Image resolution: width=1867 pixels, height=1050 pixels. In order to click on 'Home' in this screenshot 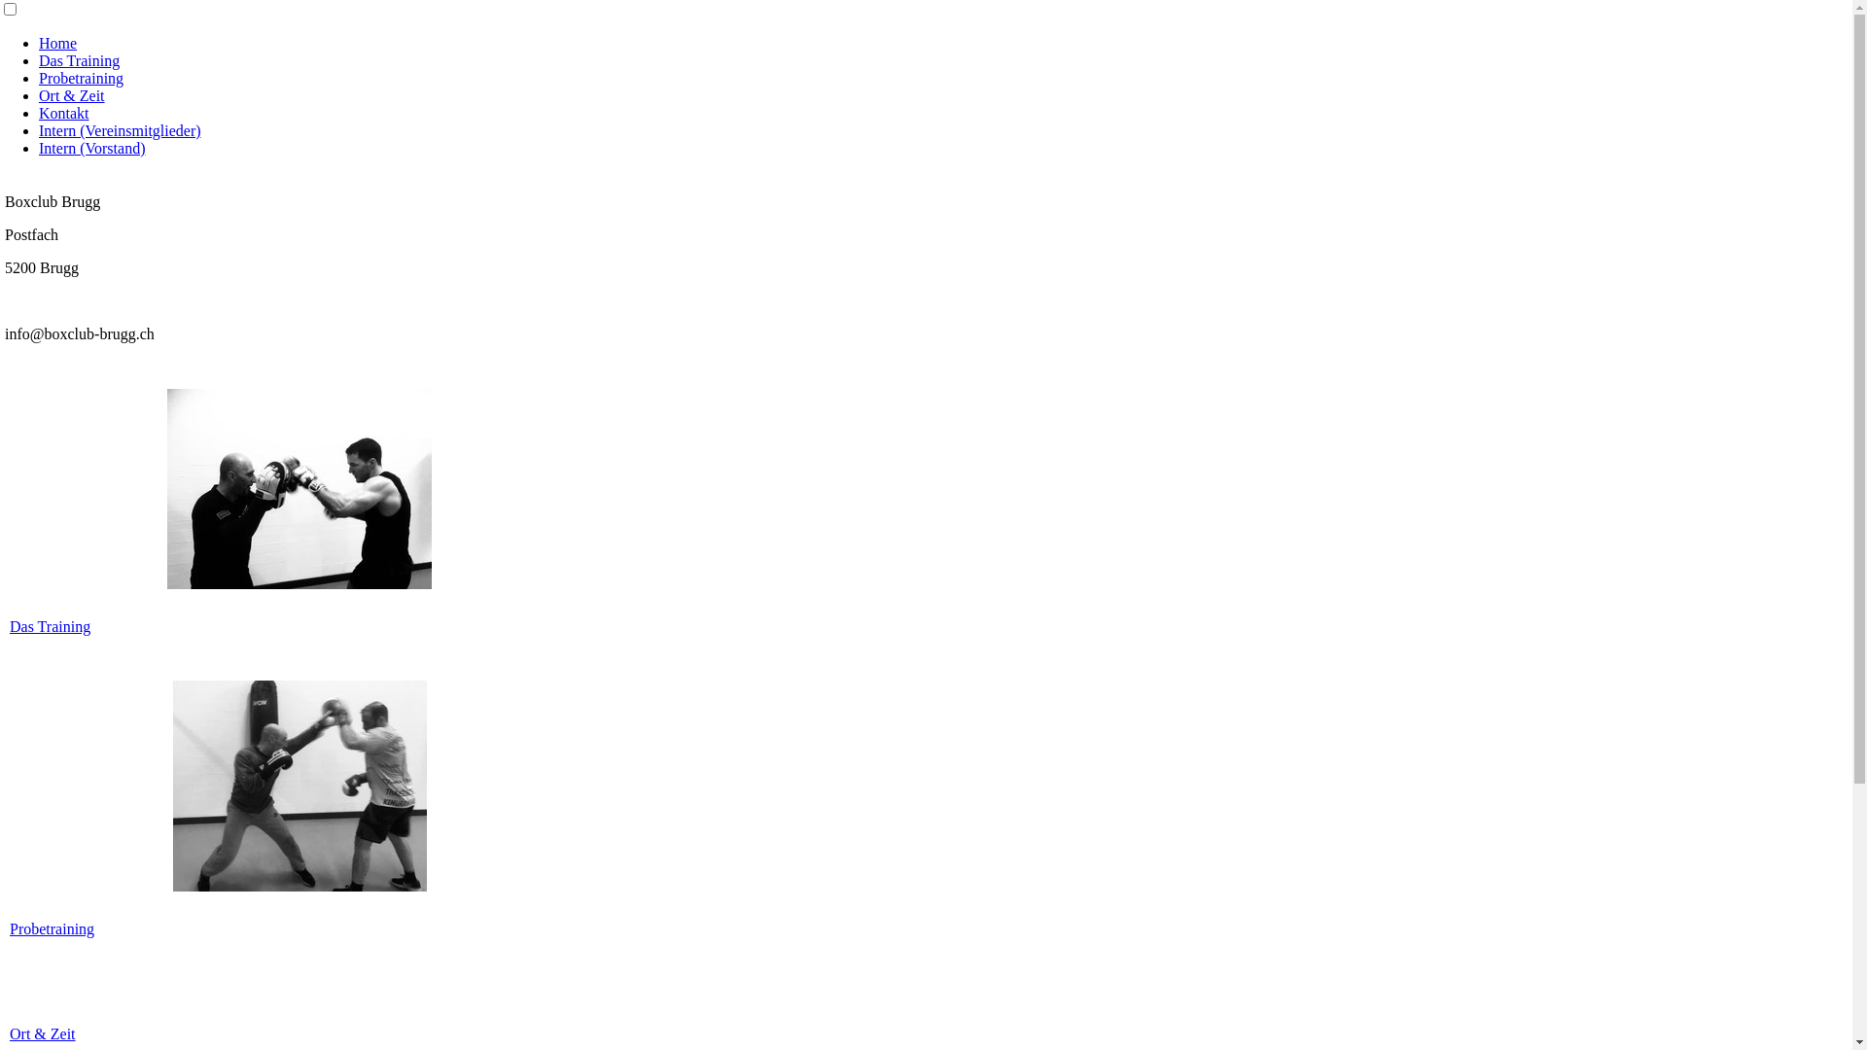, I will do `click(38, 43)`.